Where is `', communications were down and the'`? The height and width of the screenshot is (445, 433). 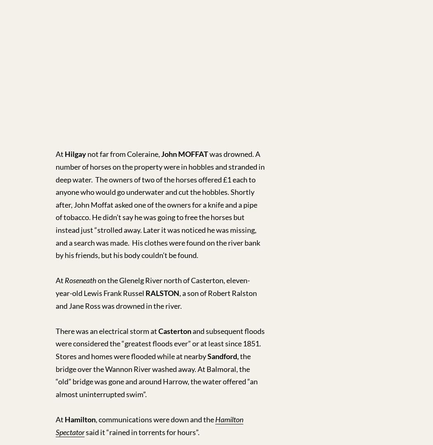 ', communications were down and the' is located at coordinates (155, 419).